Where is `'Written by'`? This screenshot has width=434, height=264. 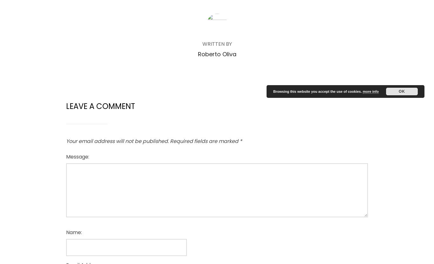 'Written by' is located at coordinates (216, 44).